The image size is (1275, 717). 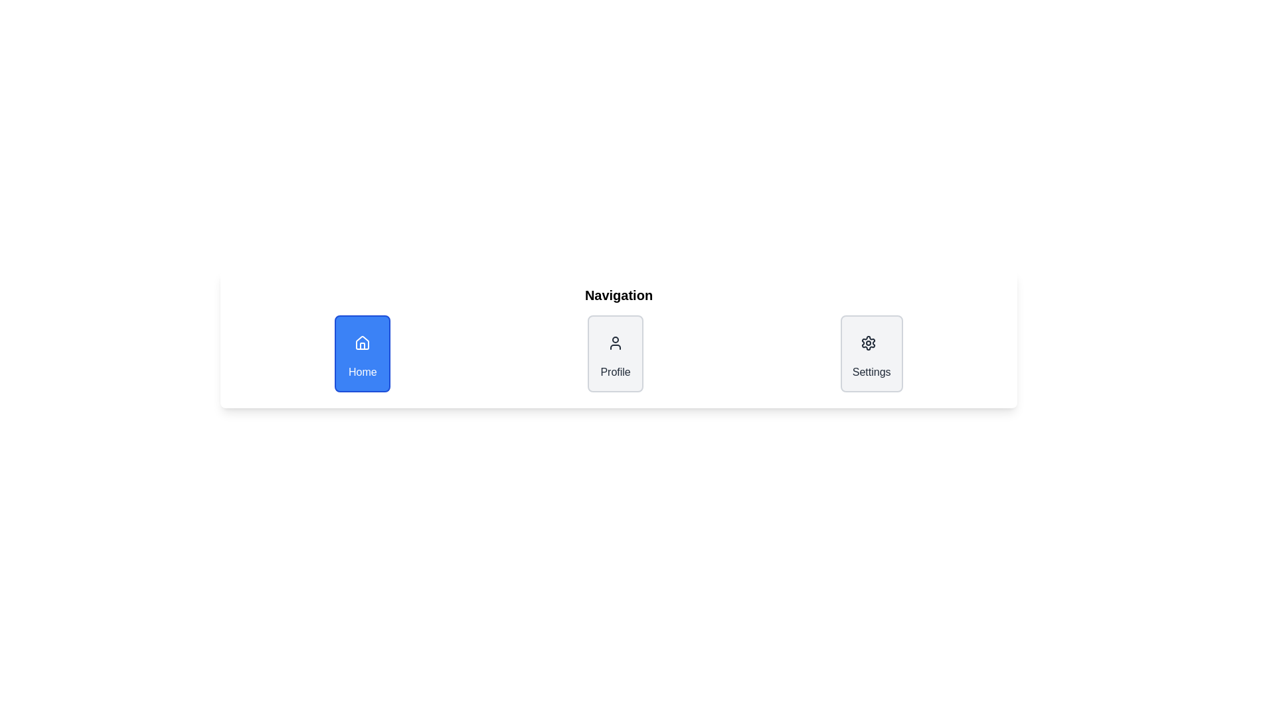 What do you see at coordinates (615, 342) in the screenshot?
I see `the 'Profile' icon in the navigation bar` at bounding box center [615, 342].